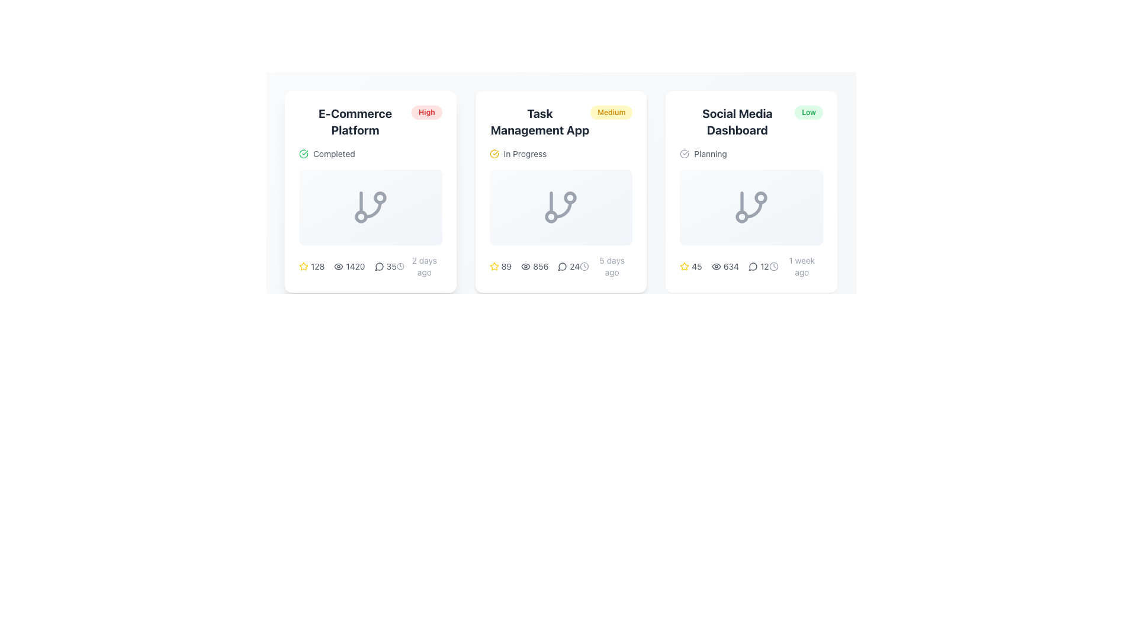 This screenshot has width=1137, height=640. Describe the element at coordinates (696, 267) in the screenshot. I see `the numeric text '45' displayed in a sans-serif font located next to the star icon in the bottom section of the 'Social Media Dashboard' card` at that location.